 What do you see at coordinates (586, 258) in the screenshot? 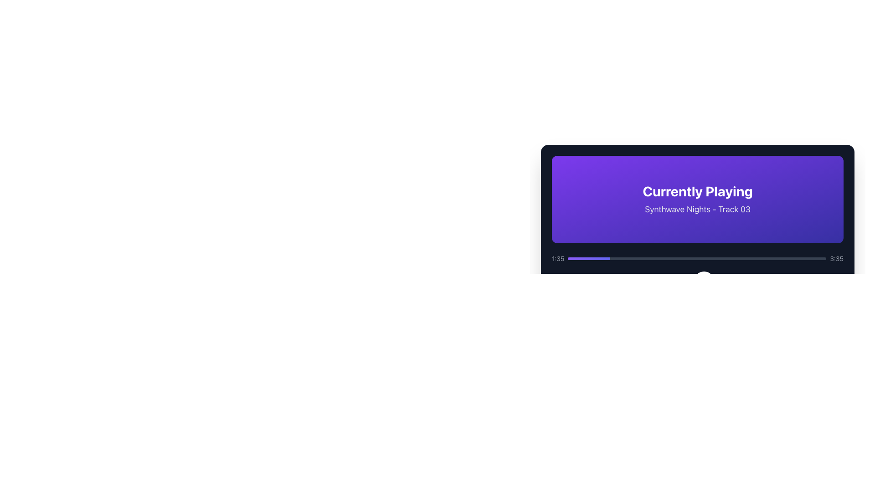
I see `the playback position` at bounding box center [586, 258].